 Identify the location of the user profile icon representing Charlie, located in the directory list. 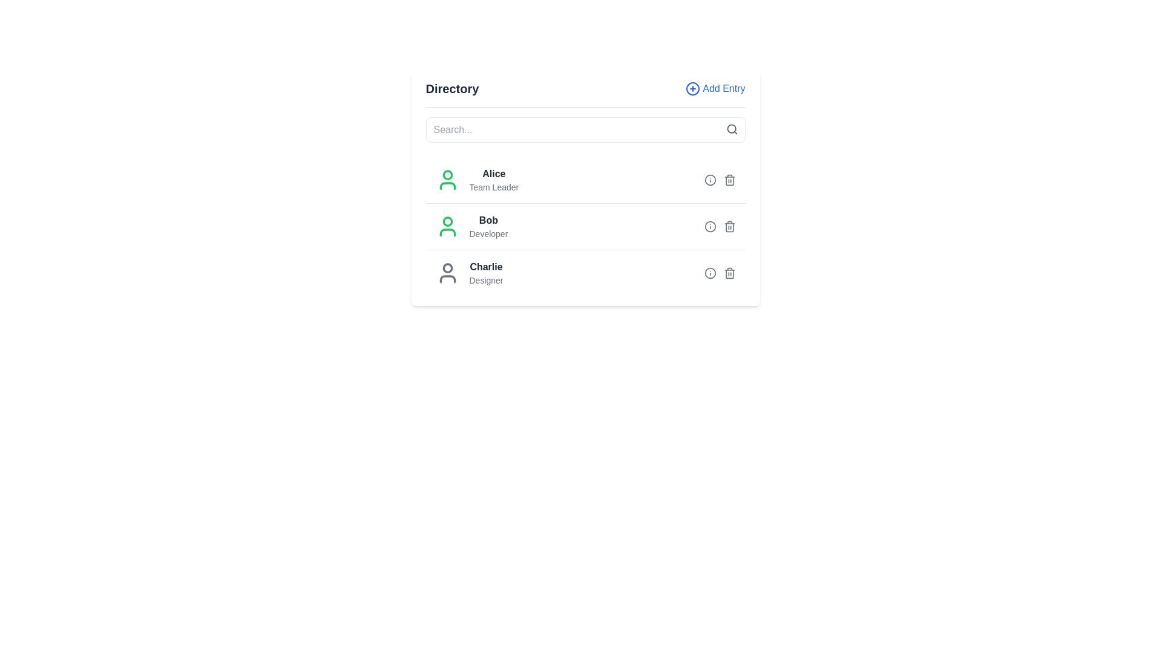
(447, 273).